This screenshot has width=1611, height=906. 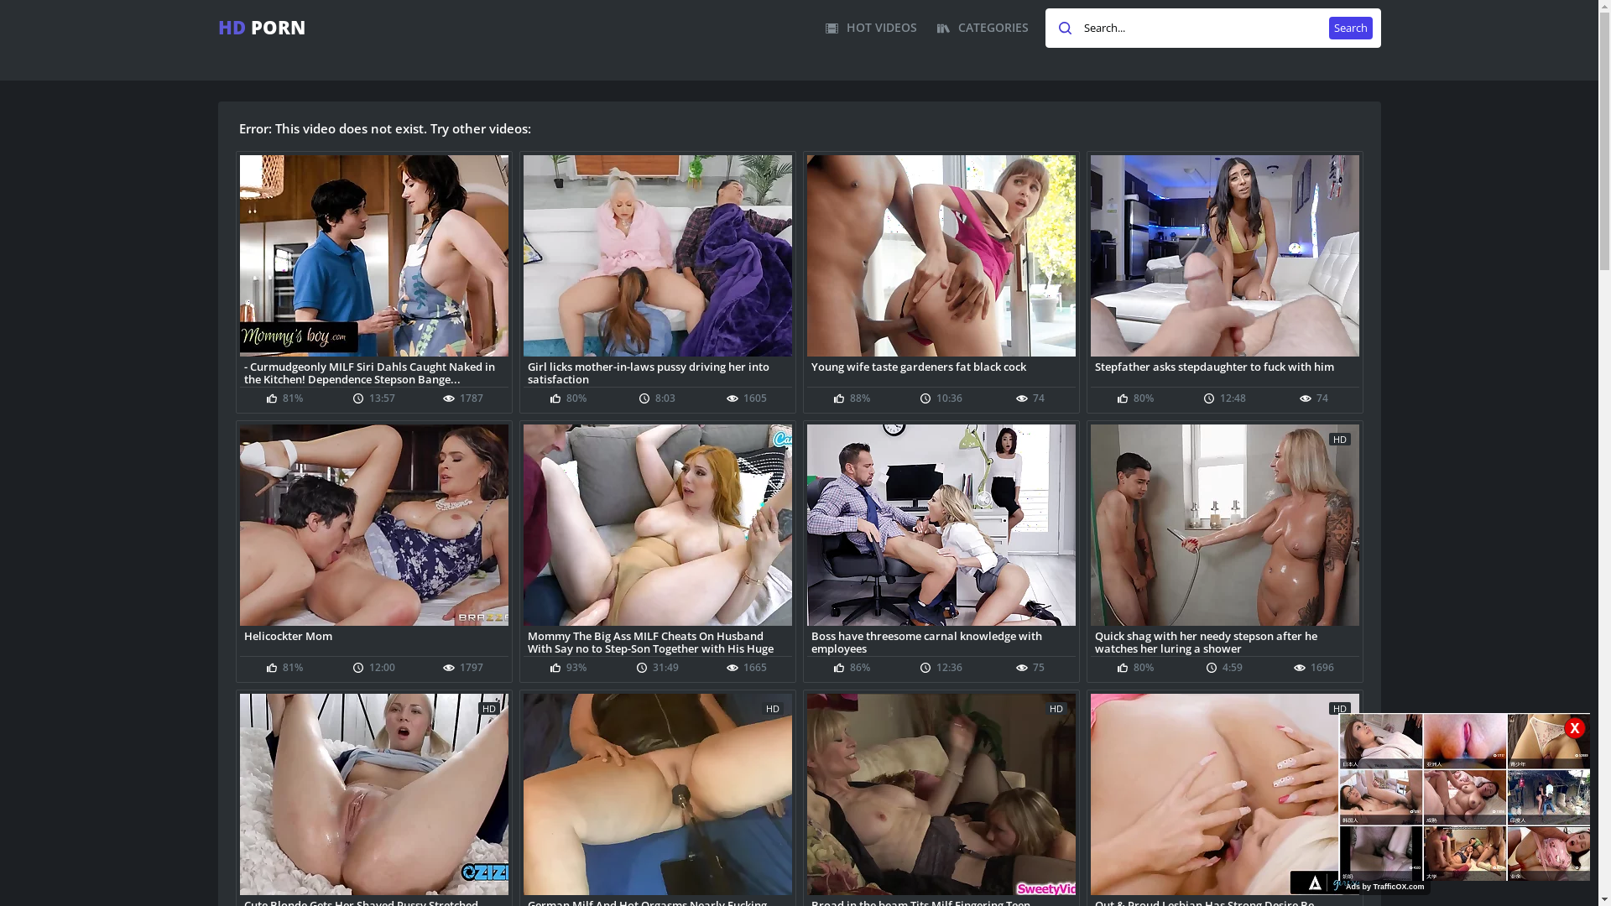 I want to click on 'HD PORN', so click(x=261, y=27).